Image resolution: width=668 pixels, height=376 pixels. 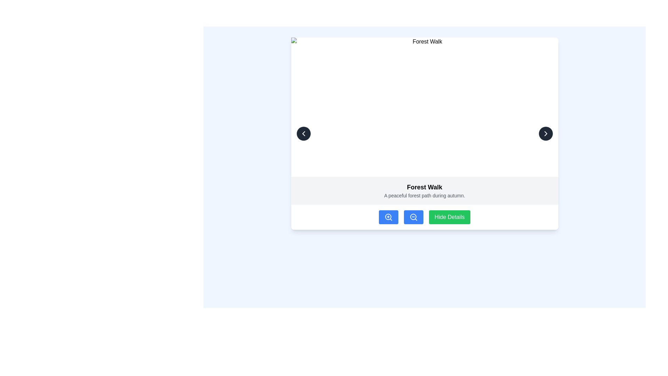 What do you see at coordinates (303, 134) in the screenshot?
I see `the left arrow button represented by a chevron pointing leftwards located in the top-left corner of the card-like interface` at bounding box center [303, 134].